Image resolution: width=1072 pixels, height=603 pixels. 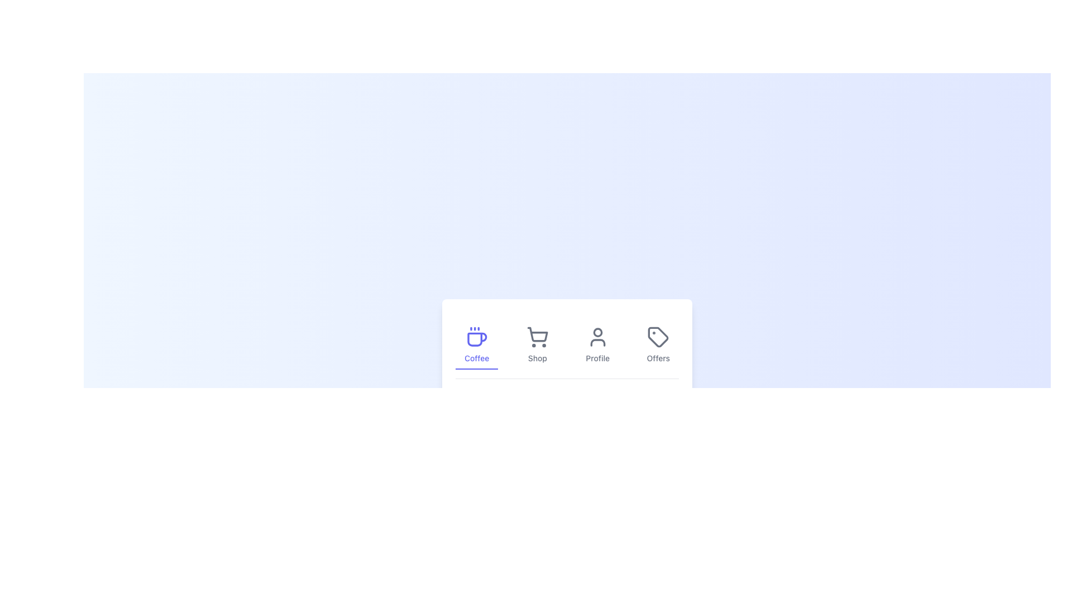 I want to click on the lower portion of the coffee cup icon, which is styled in minimalist line-art and serves as the main emblem for the 'Coffee' menu, so click(x=477, y=338).